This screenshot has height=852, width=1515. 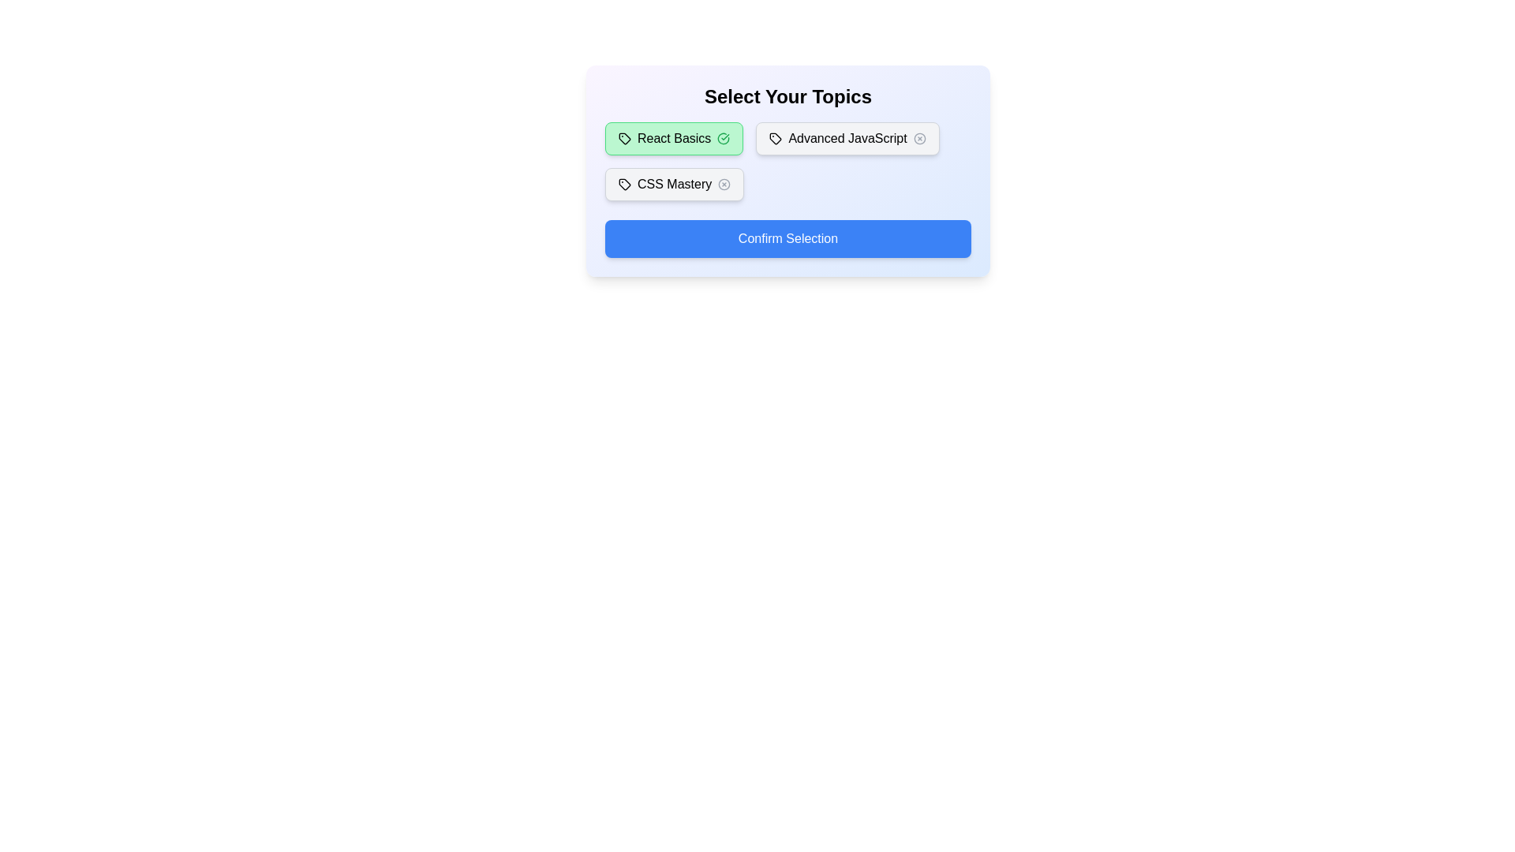 I want to click on the tag labeled Advanced JavaScript to toggle its active state, so click(x=847, y=138).